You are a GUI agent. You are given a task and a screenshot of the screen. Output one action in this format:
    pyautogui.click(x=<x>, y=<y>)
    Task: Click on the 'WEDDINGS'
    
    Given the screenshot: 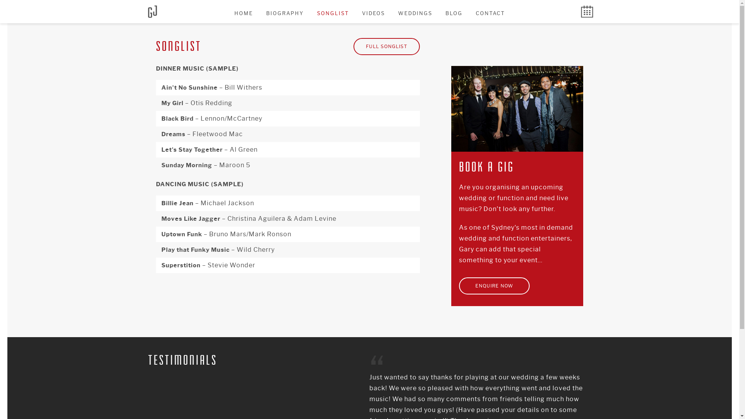 What is the action you would take?
    pyautogui.click(x=392, y=13)
    